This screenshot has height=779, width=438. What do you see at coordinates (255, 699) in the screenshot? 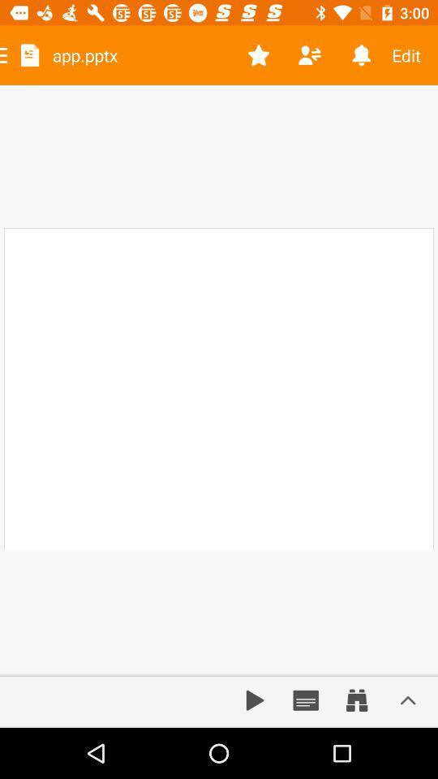
I see `play` at bounding box center [255, 699].